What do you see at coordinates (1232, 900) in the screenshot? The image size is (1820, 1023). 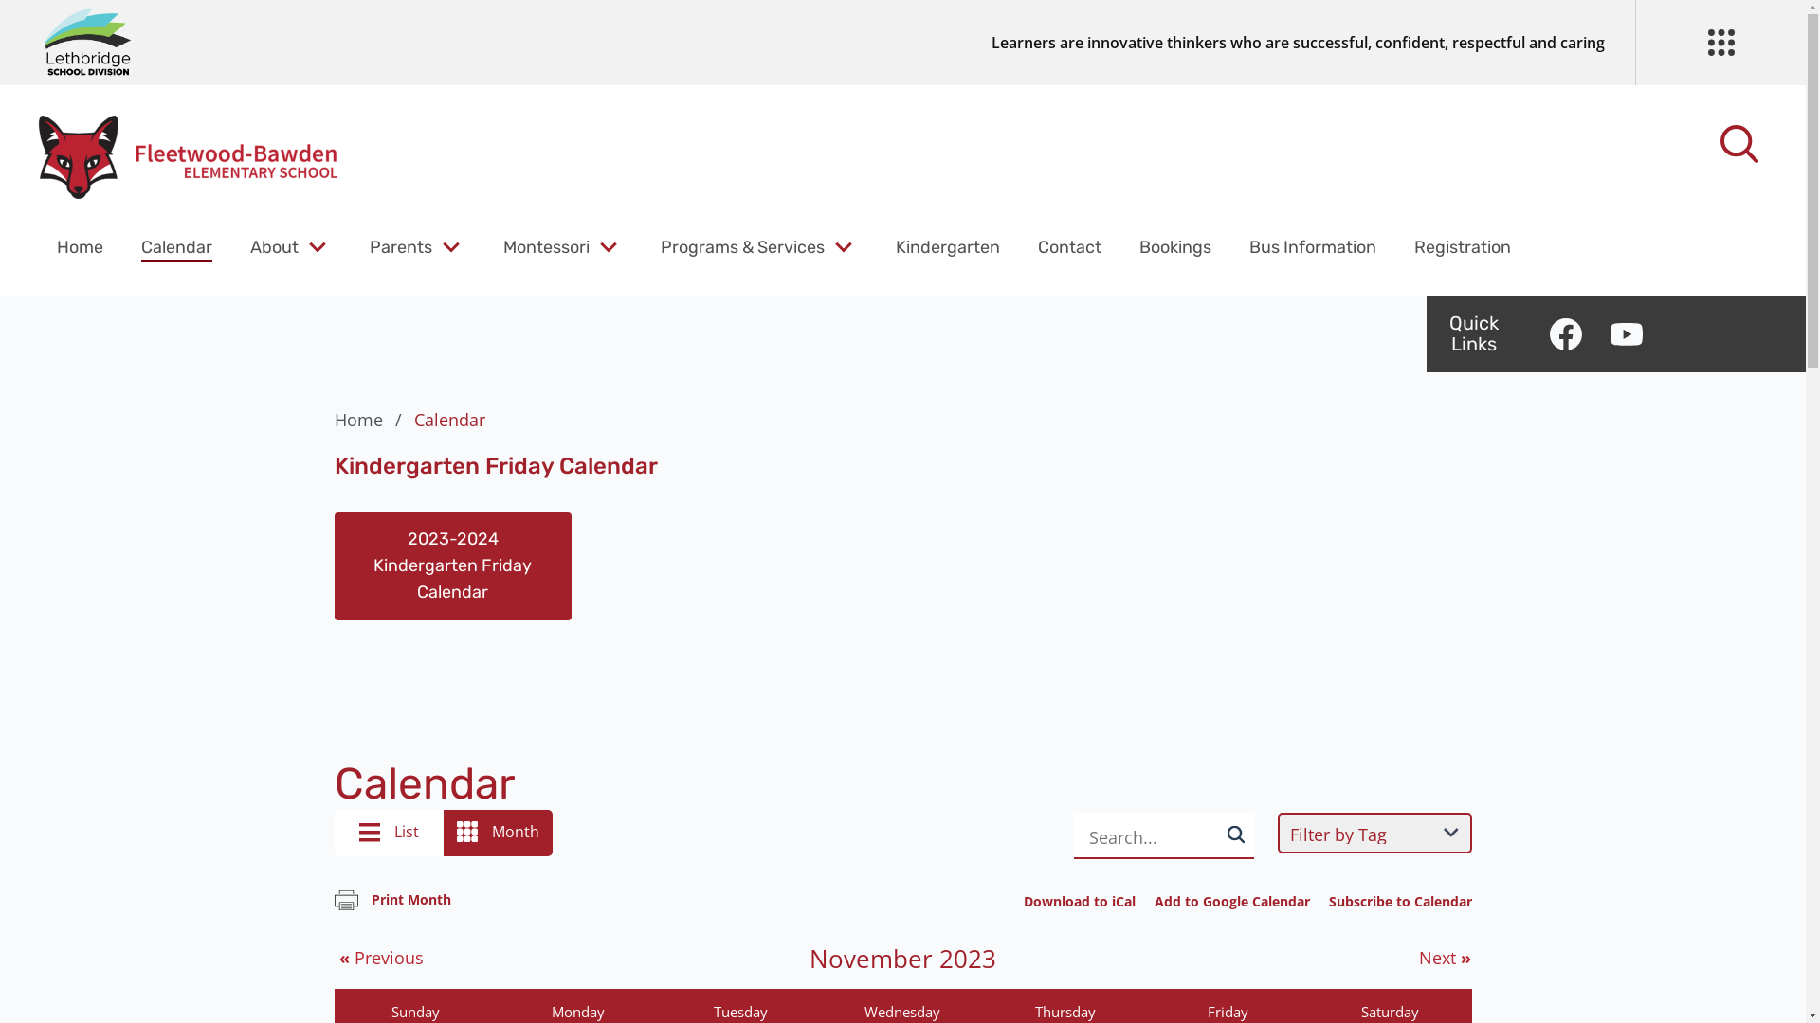 I see `'Add to Google Calendar'` at bounding box center [1232, 900].